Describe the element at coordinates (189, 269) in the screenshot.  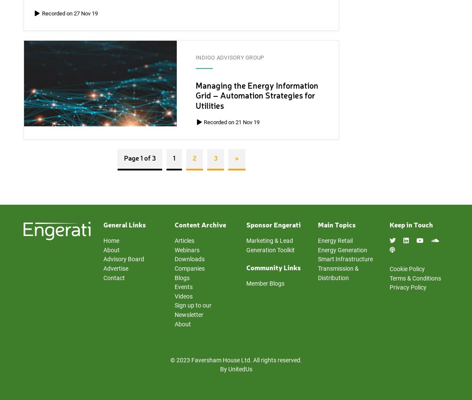
I see `'Companies'` at that location.